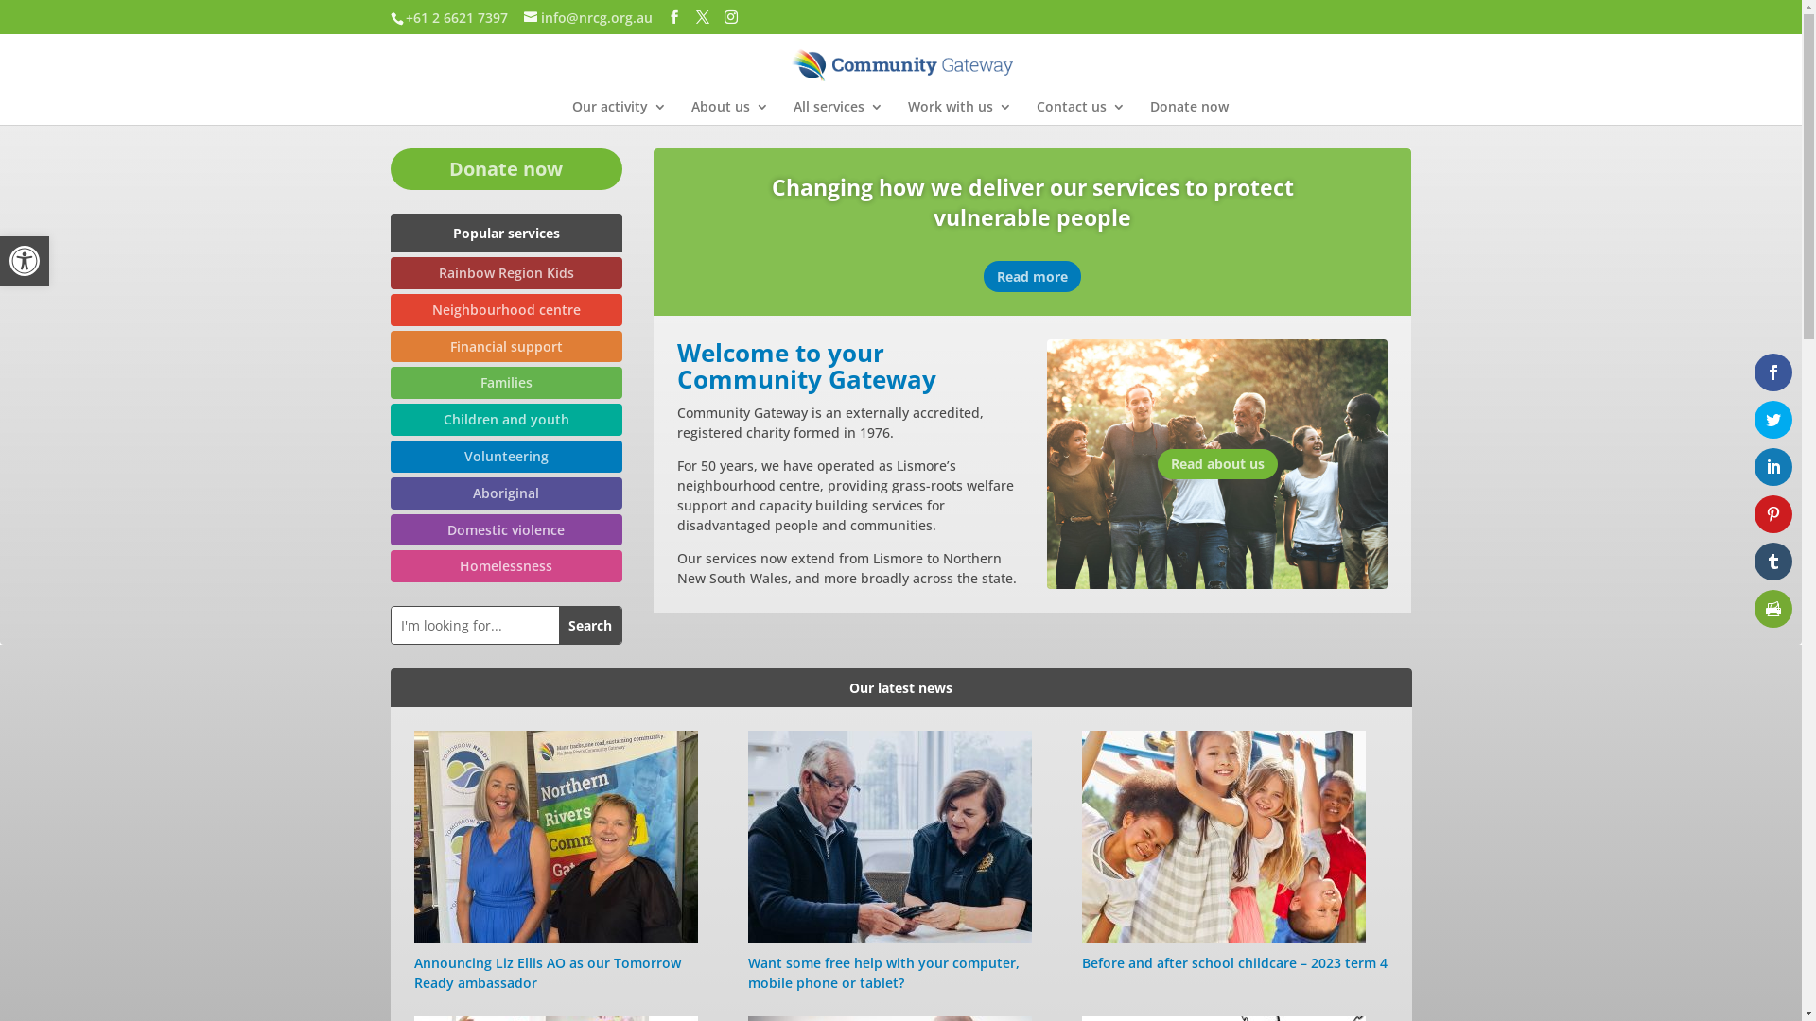 The image size is (1816, 1021). Describe the element at coordinates (505, 383) in the screenshot. I see `'Families'` at that location.